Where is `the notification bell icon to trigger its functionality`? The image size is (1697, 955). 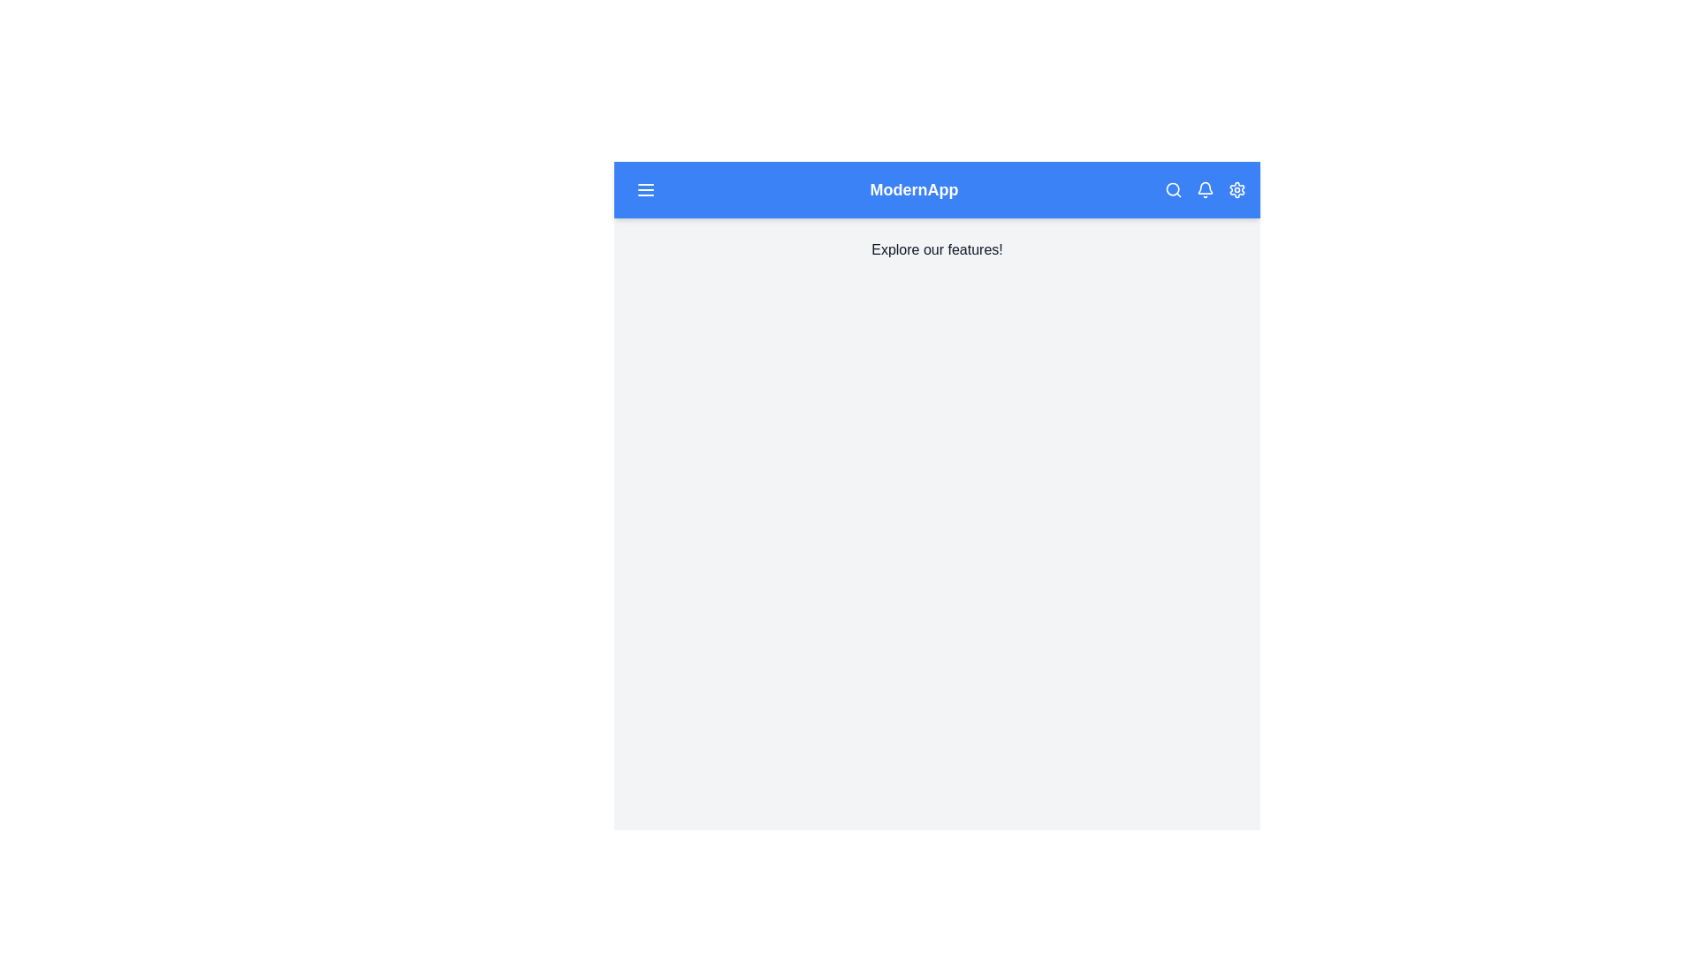 the notification bell icon to trigger its functionality is located at coordinates (1204, 190).